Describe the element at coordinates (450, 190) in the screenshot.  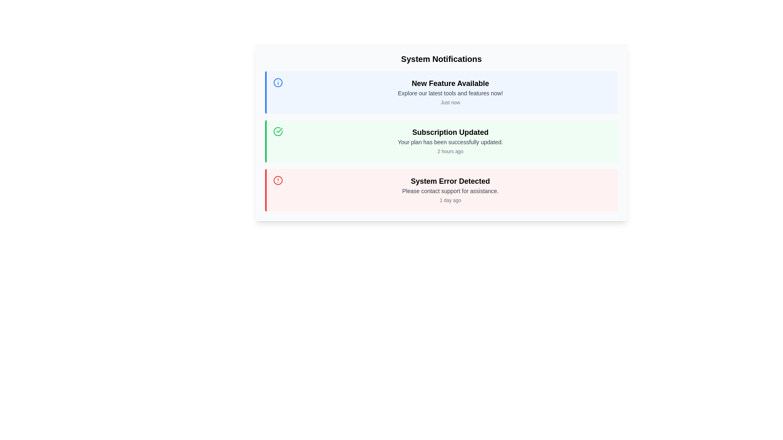
I see `text message from the textual notification block titled 'System Error Detected', which is located within a red alert box at the bottom of the notifications list` at that location.